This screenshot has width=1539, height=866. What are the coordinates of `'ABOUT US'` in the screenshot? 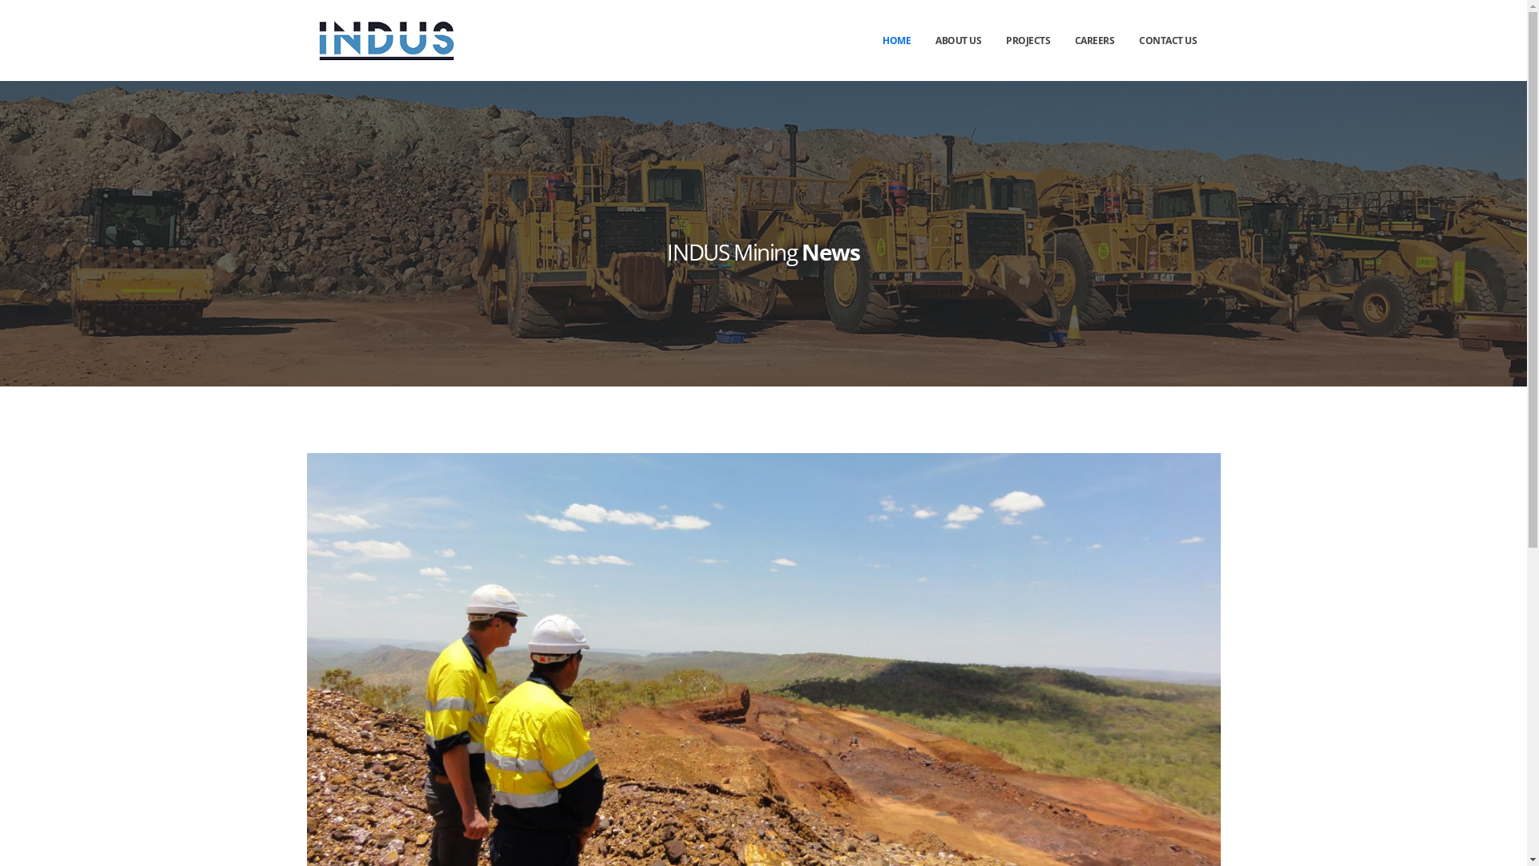 It's located at (958, 39).